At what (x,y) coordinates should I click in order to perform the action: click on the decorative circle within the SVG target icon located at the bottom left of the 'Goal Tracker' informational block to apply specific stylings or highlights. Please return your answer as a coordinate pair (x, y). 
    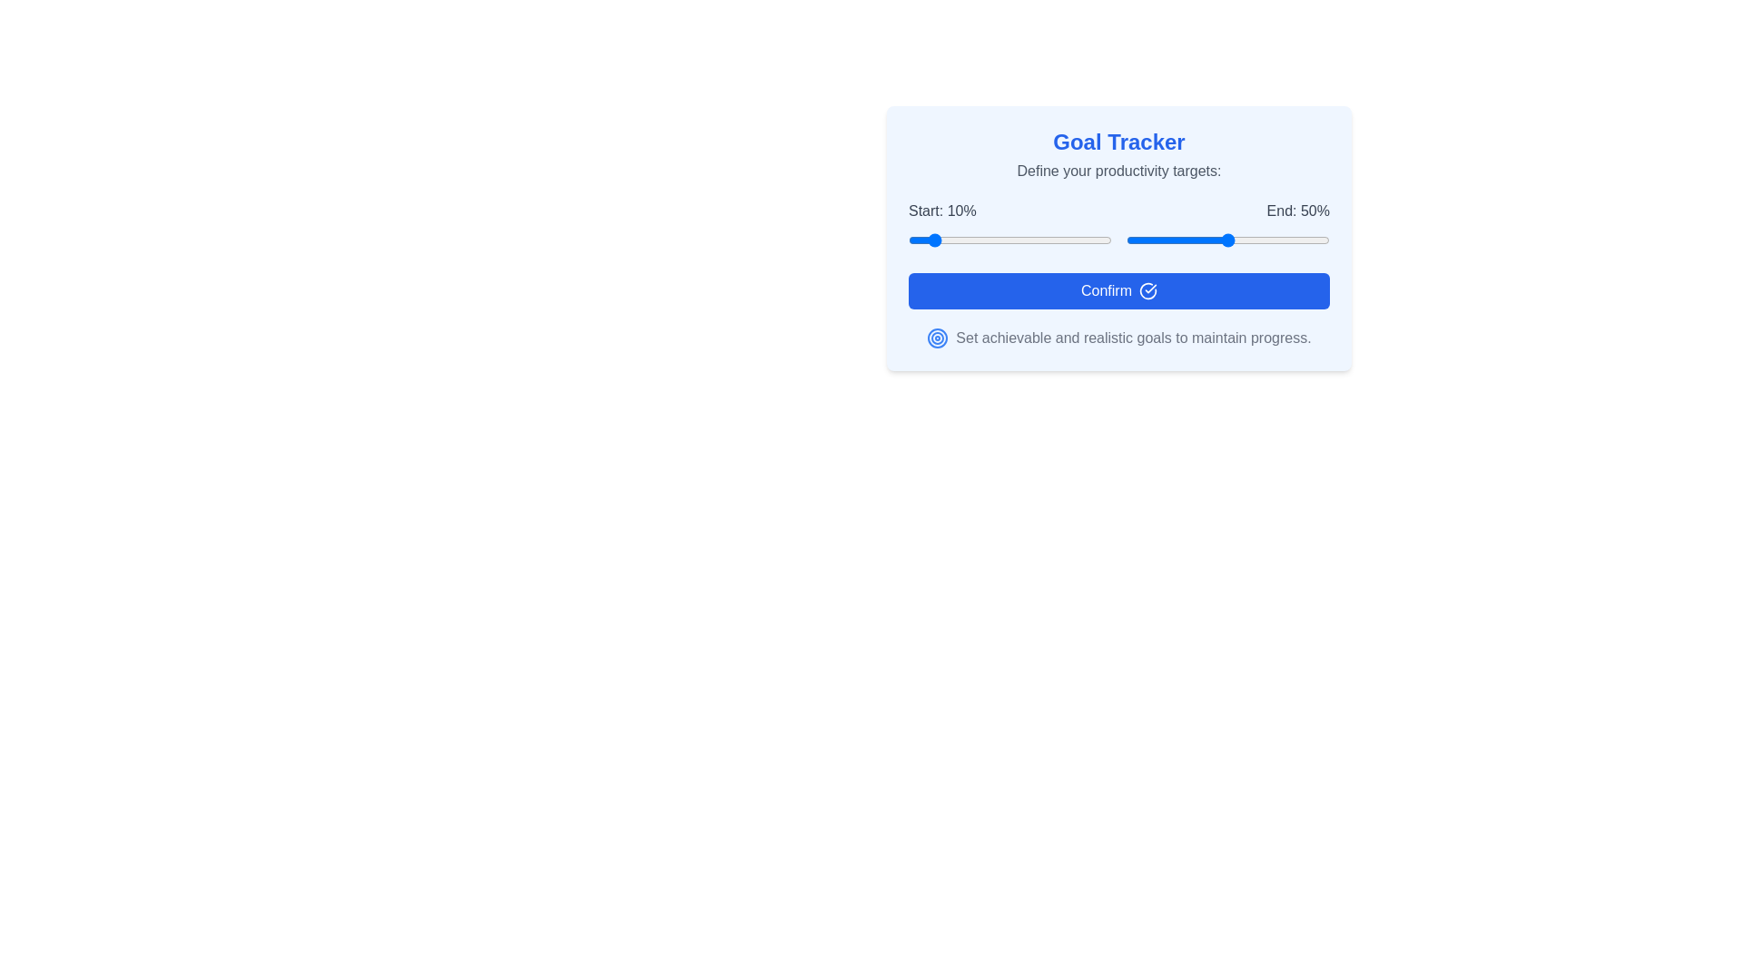
    Looking at the image, I should click on (938, 338).